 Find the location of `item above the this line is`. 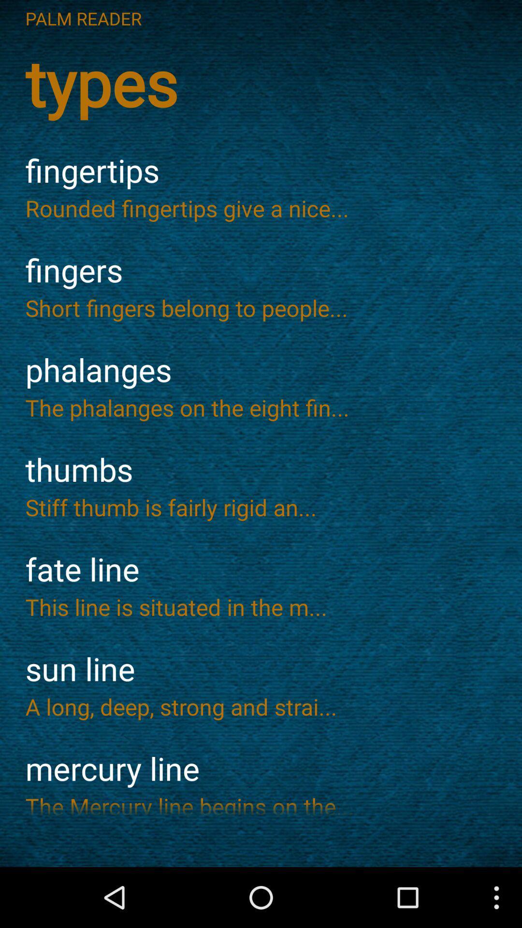

item above the this line is is located at coordinates (261, 569).